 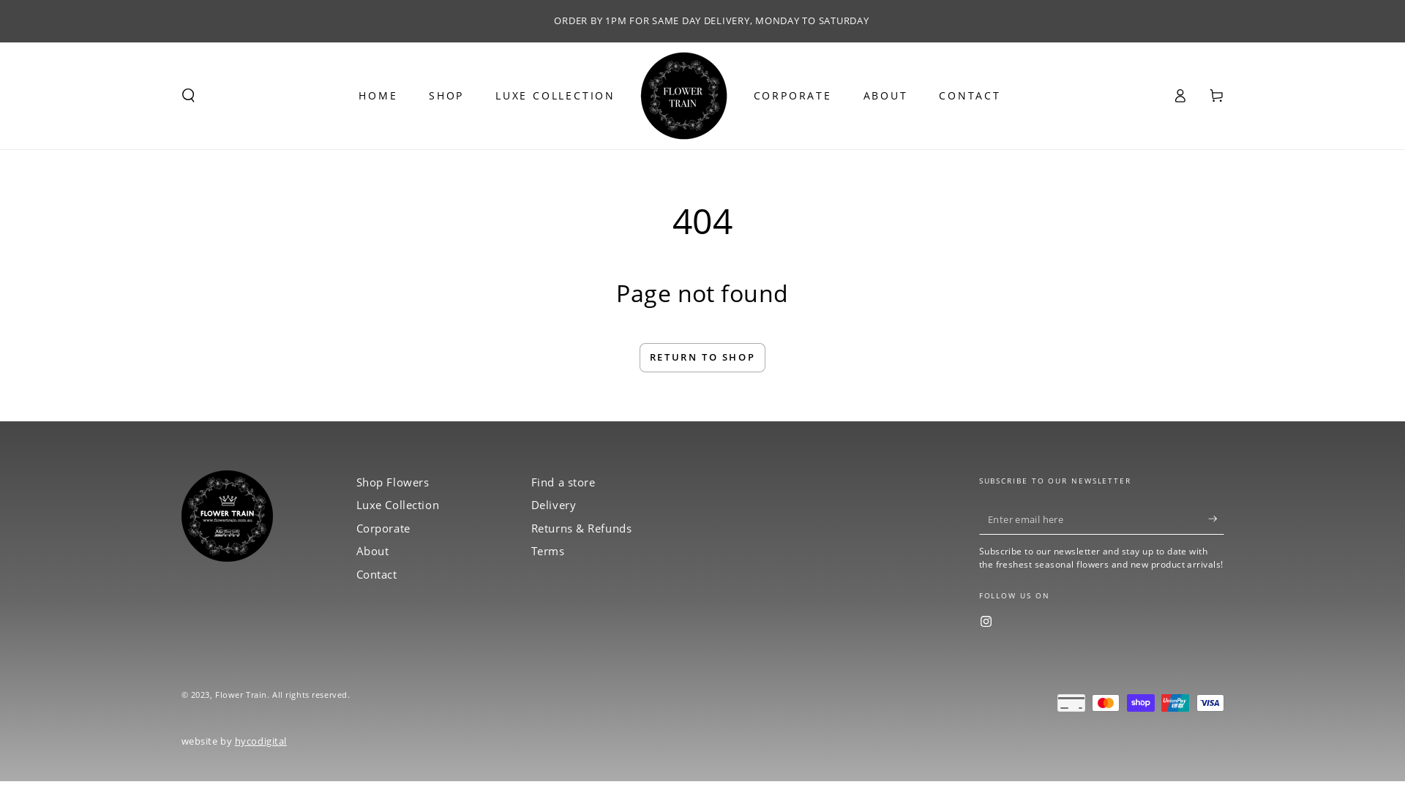 I want to click on 'Luxe Collection', so click(x=397, y=504).